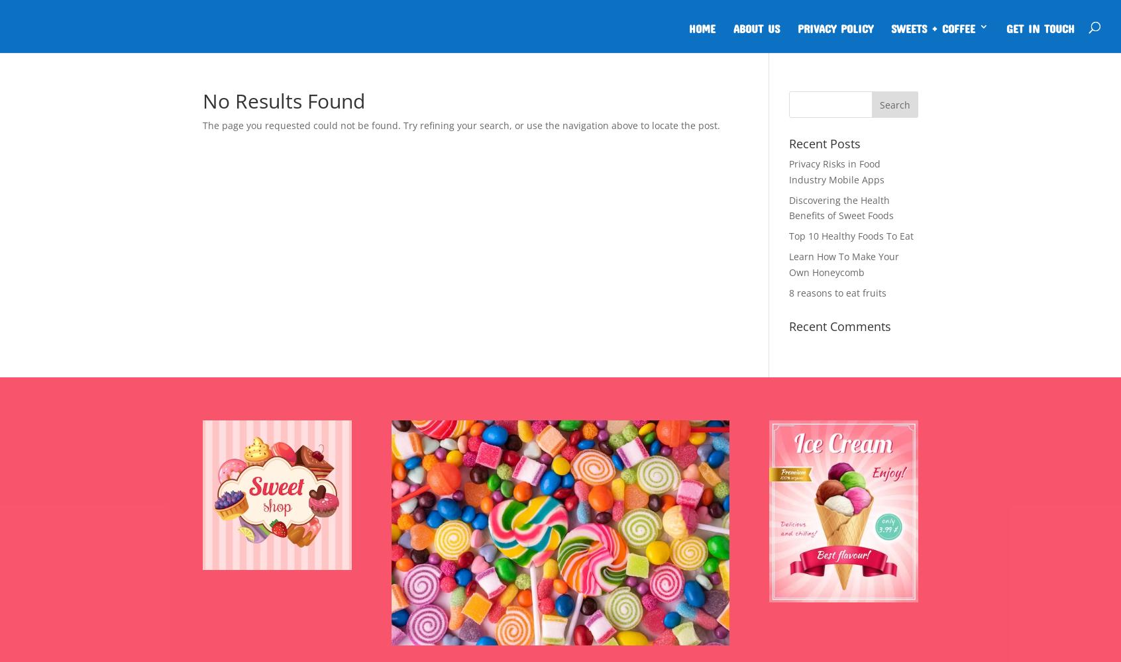  Describe the element at coordinates (841, 207) in the screenshot. I see `'Discovering the Health Benefits of Sweet Foods'` at that location.